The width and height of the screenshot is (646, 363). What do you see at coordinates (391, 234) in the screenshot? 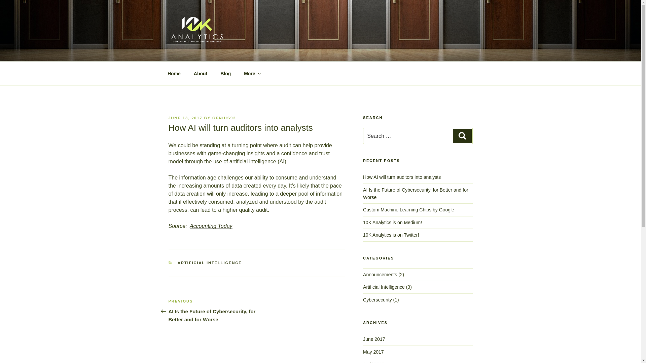
I see `'10K Analytics is on Twitter!'` at bounding box center [391, 234].